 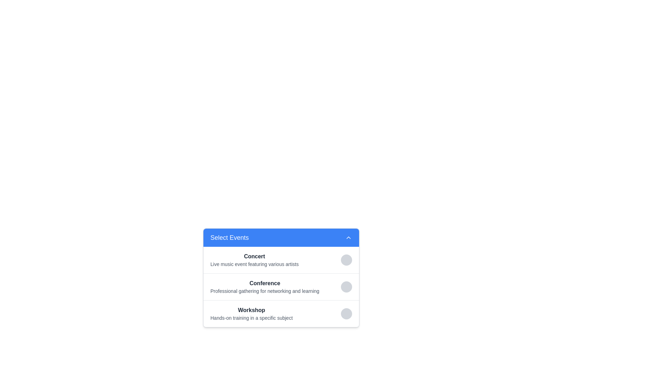 I want to click on text details of the conference label, which is the second item in the vertical list within the 'Select Events' panel, positioned between 'Concert' and 'Workshop', so click(x=281, y=287).